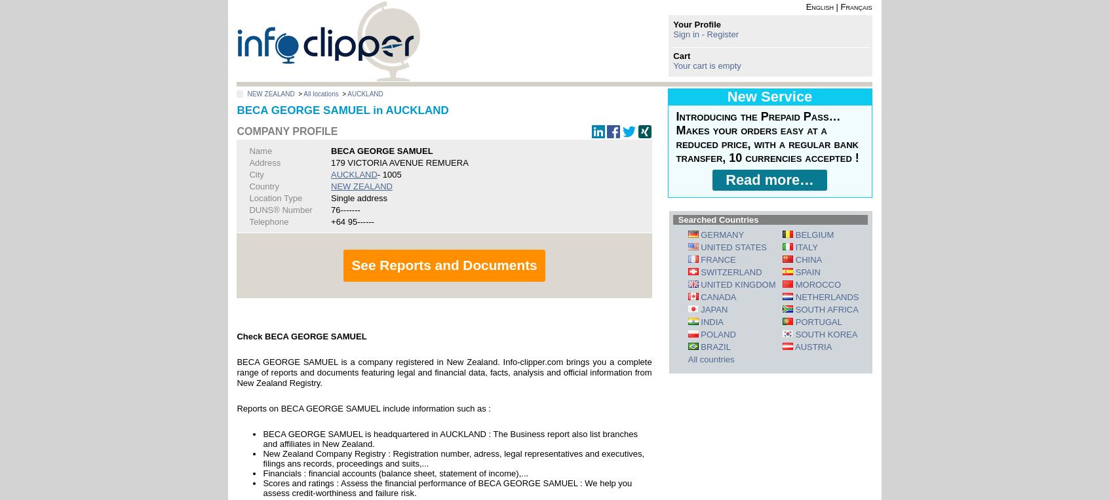 Image resolution: width=1109 pixels, height=500 pixels. I want to click on 'BECA GEORGE SAMUEL is headquartered in AUCKLAND : The Business report also list branches and affiliates in New Zealand.', so click(450, 437).